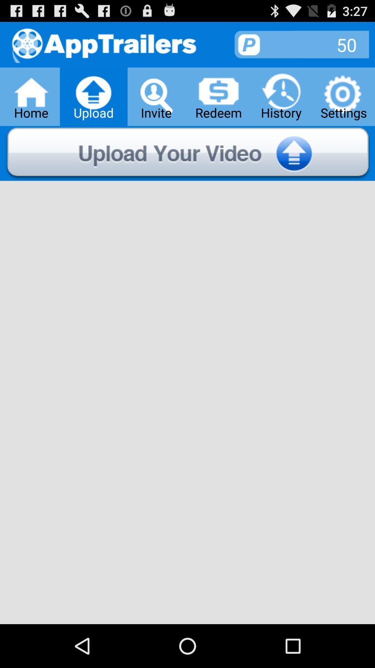  What do you see at coordinates (187, 153) in the screenshot?
I see `upload video` at bounding box center [187, 153].